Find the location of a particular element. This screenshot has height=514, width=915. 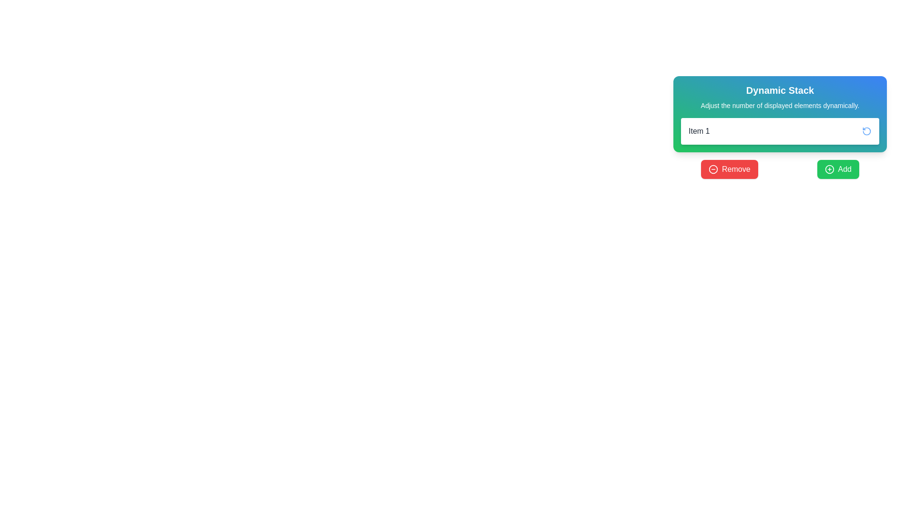

the refresh icon button located to the right of the input field associated with 'Item 1' is located at coordinates (867, 131).